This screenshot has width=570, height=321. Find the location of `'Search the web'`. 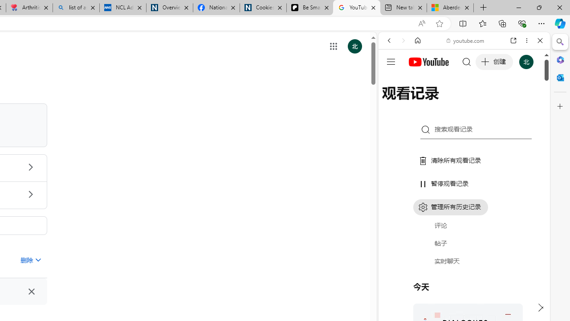

'Search the web' is located at coordinates (468, 61).